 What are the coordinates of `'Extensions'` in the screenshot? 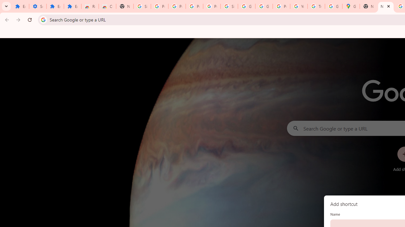 It's located at (55, 6).